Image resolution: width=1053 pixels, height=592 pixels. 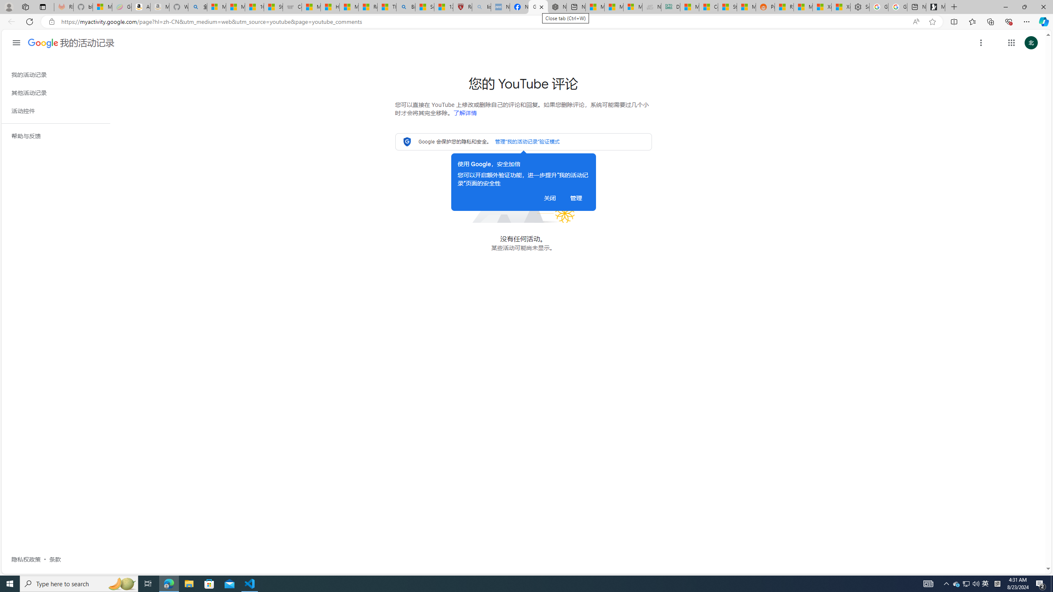 I want to click on 'Microsoft-Report a Concern to Bing', so click(x=102, y=7).